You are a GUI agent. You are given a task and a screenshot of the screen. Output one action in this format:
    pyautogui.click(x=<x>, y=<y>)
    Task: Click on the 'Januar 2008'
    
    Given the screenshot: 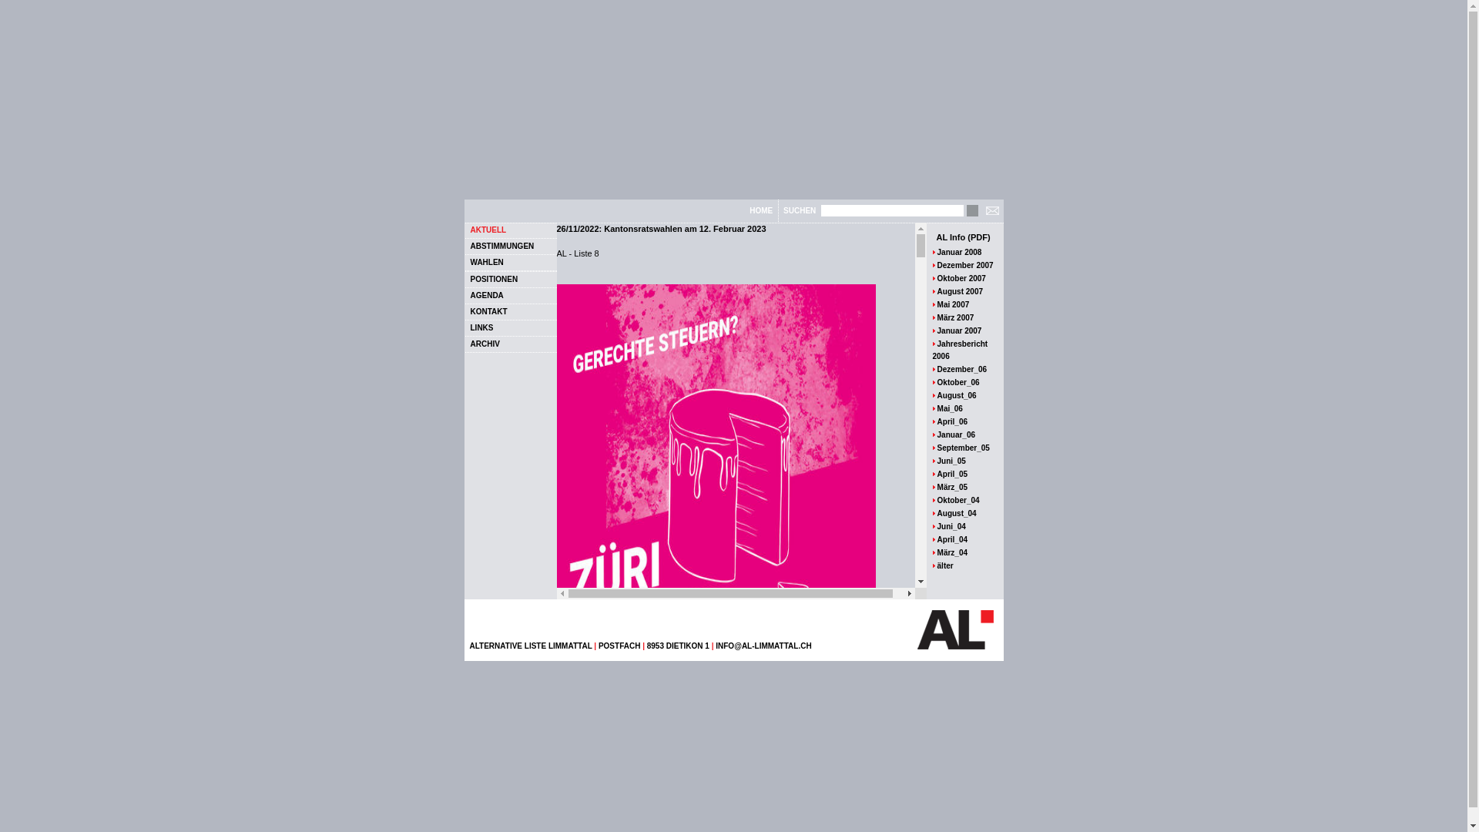 What is the action you would take?
    pyautogui.click(x=959, y=251)
    